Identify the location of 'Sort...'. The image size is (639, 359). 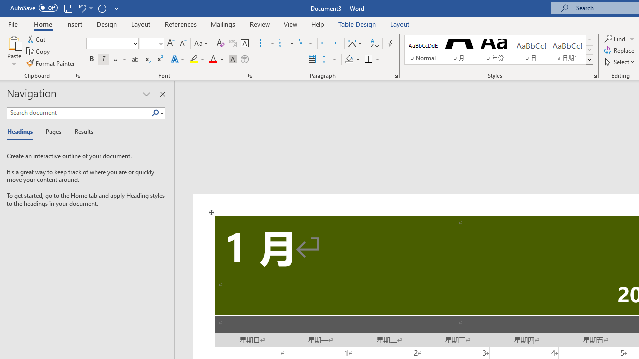
(374, 43).